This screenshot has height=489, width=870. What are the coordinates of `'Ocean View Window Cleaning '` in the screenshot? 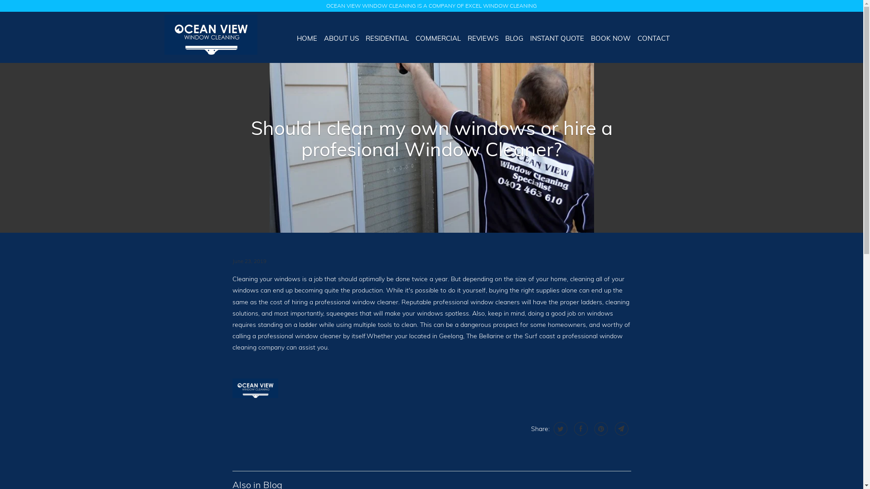 It's located at (164, 36).